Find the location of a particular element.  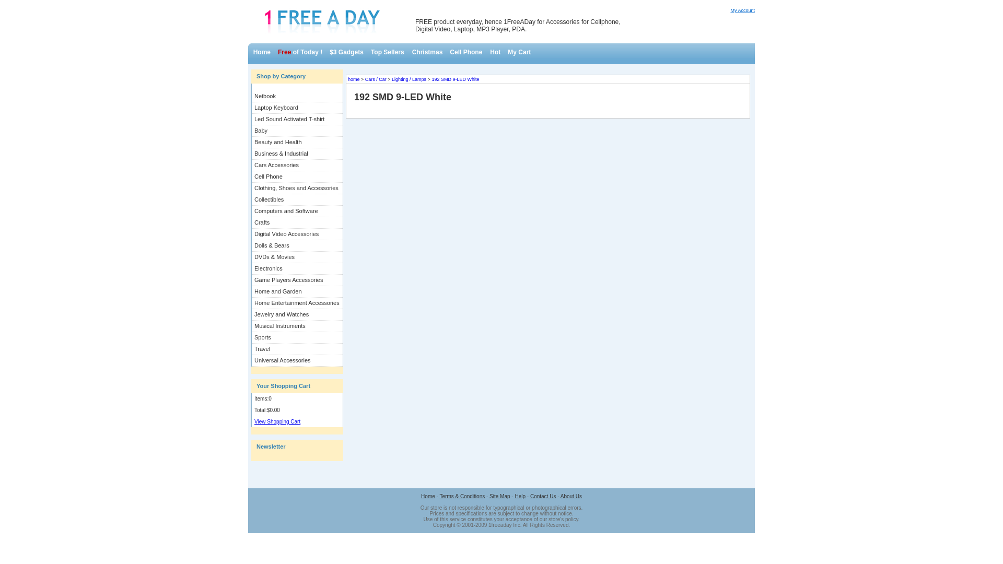

'$3 Gadgets' is located at coordinates (346, 52).